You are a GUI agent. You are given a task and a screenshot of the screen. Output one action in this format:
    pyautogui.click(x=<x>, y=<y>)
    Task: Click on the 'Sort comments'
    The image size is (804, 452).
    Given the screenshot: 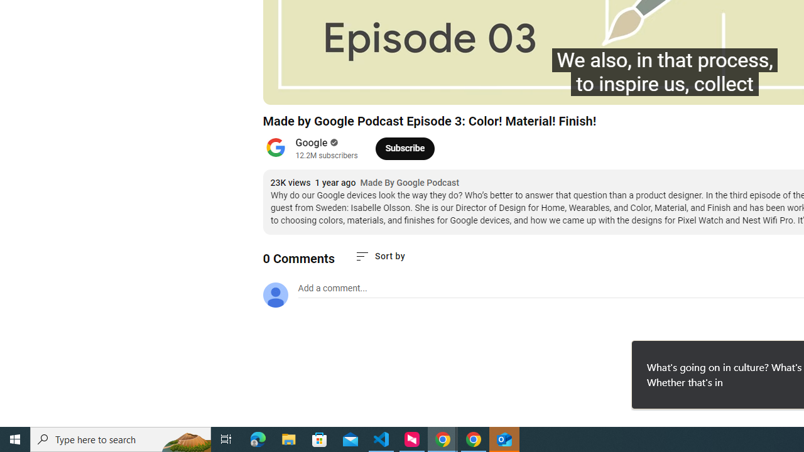 What is the action you would take?
    pyautogui.click(x=379, y=256)
    